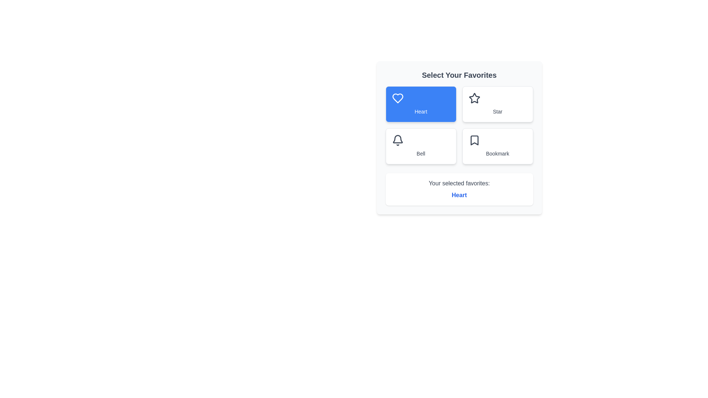 The height and width of the screenshot is (398, 708). I want to click on the title text 'Select Your Favorites', so click(459, 75).